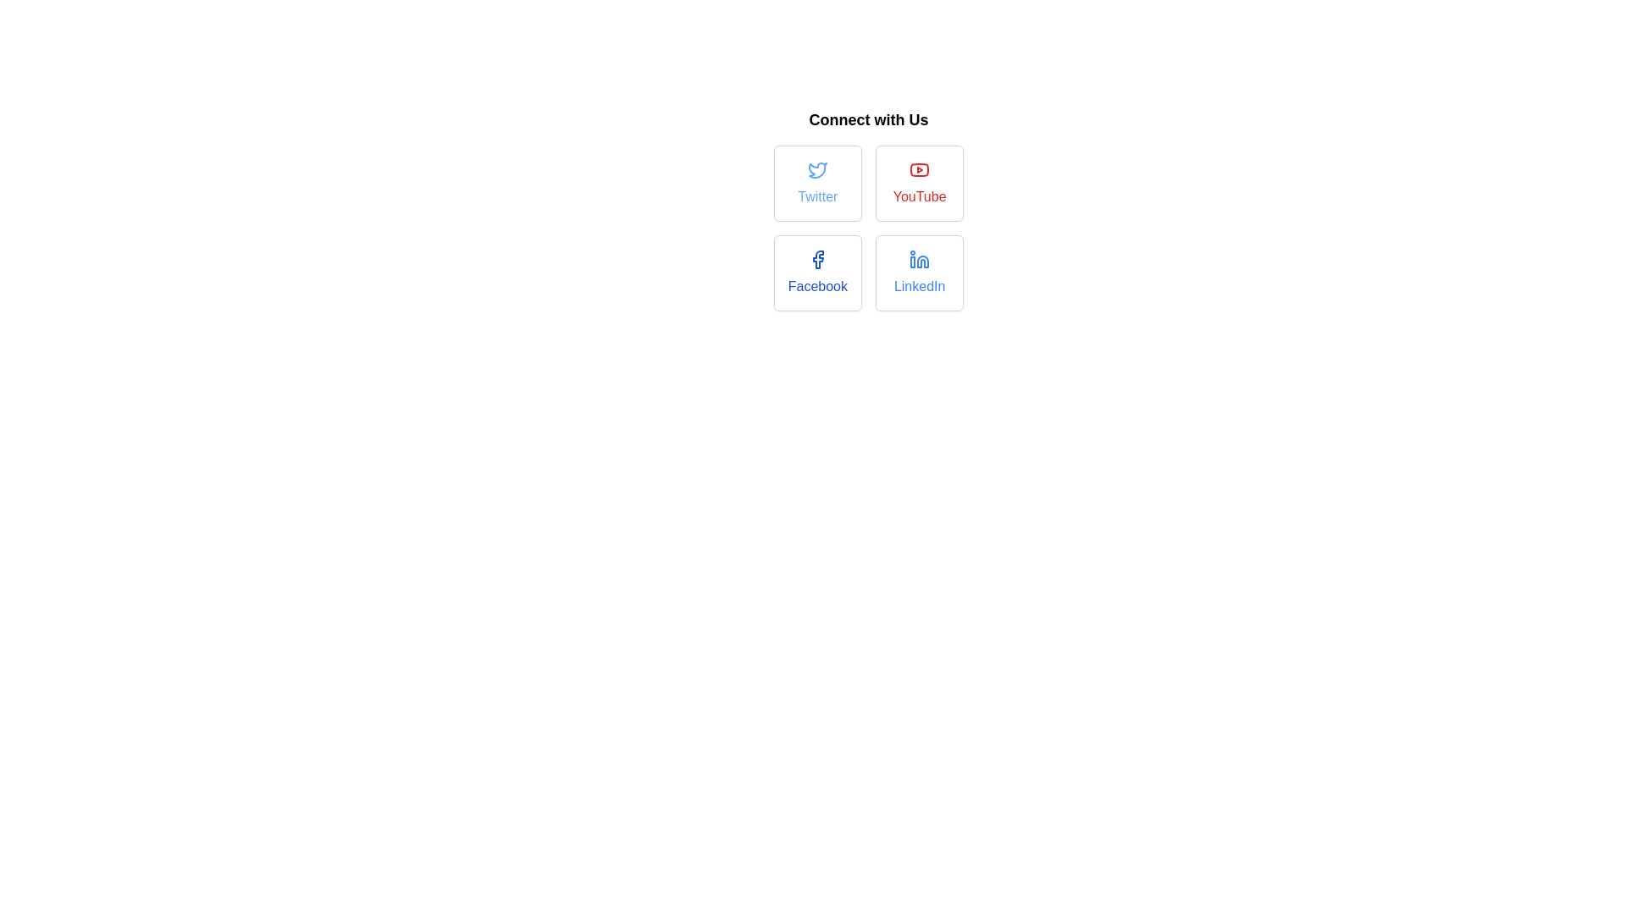 The height and width of the screenshot is (914, 1626). I want to click on the LinkedIn button, which is a rectangular UI card with rounded corners, featuring the LinkedIn logo and the text 'LinkedIn' centered below it, located in the bottom-right corner of a 2x2 grid of social media icons, so click(919, 273).